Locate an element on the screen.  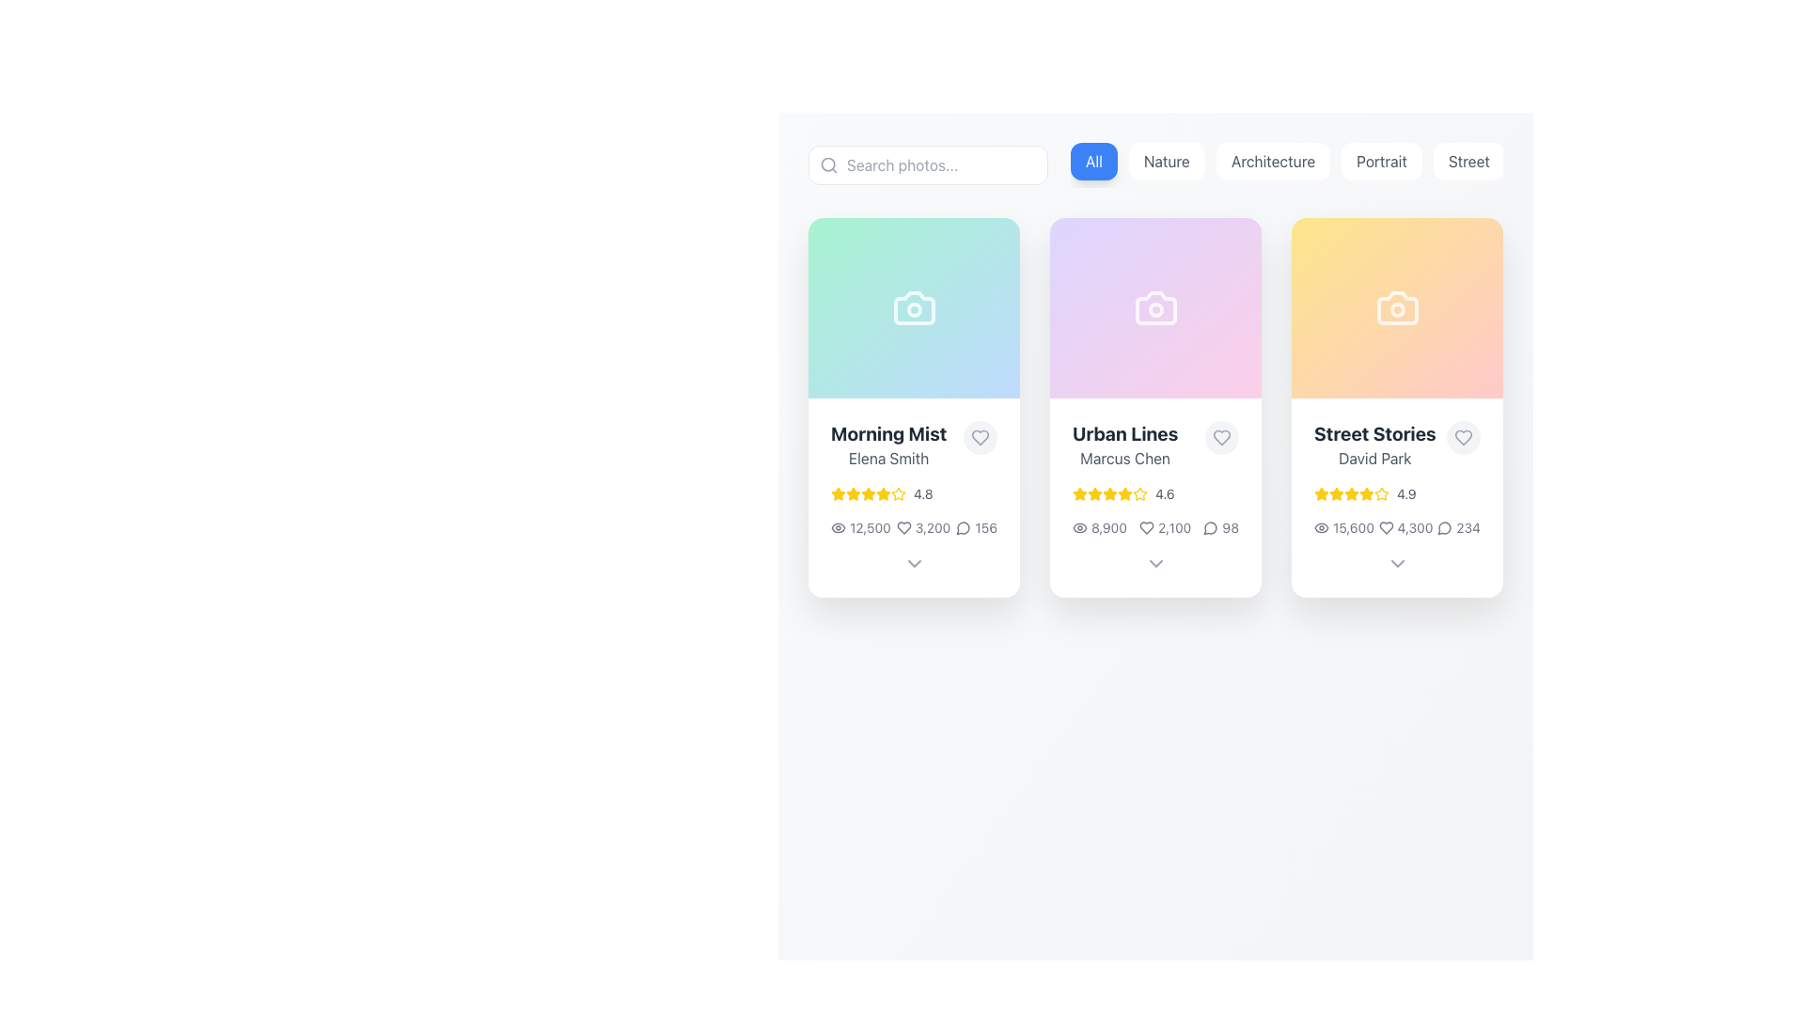
the fourth star icon representing the rating level in the 'Urban Lines' card to interact with the rating is located at coordinates (1124, 492).